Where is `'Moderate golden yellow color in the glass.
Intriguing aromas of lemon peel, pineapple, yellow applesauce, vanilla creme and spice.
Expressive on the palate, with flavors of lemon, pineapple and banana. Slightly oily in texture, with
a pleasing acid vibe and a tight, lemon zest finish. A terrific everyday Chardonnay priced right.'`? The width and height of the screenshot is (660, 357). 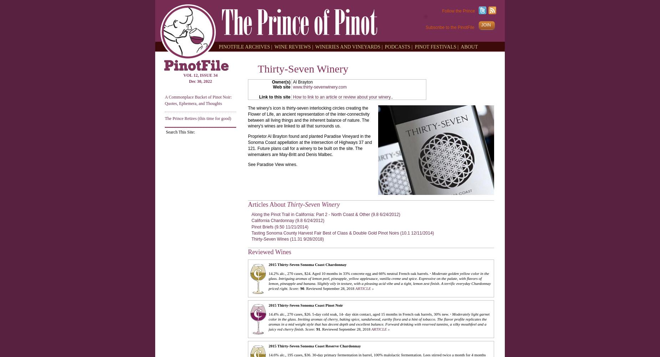 'Moderate golden yellow color in the glass.
Intriguing aromas of lemon peel, pineapple, yellow applesauce, vanilla creme and spice.
Expressive on the palate, with flavors of lemon, pineapple and banana. Slightly oily in texture, with
a pleasing acid vibe and a tight, lemon zest finish. A terrific everyday Chardonnay priced right.' is located at coordinates (379, 281).